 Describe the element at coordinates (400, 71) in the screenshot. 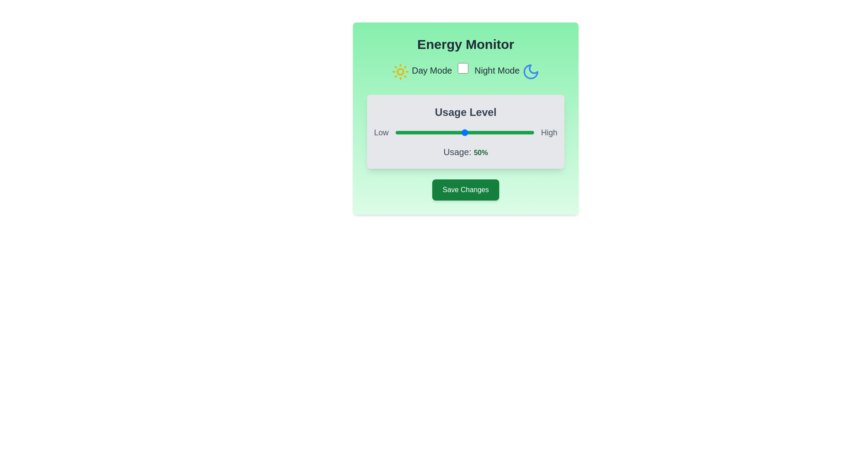

I see `the graphical icon component of the sun icon that represents 'Day Mode' located at the specified coordinates` at that location.